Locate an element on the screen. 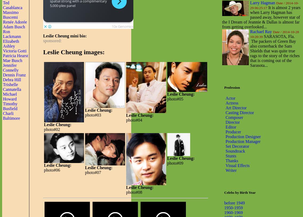 The width and height of the screenshot is (303, 217). 'Profession' is located at coordinates (232, 87).